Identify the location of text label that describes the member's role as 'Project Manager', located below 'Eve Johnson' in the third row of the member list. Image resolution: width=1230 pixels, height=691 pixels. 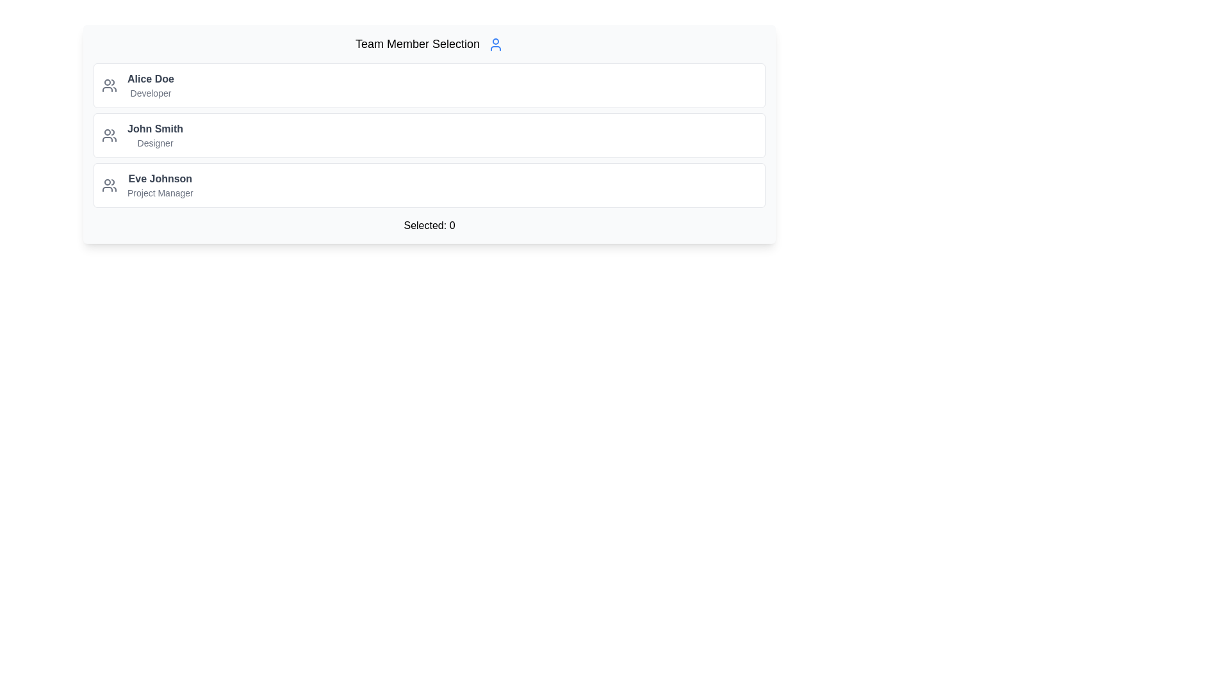
(160, 193).